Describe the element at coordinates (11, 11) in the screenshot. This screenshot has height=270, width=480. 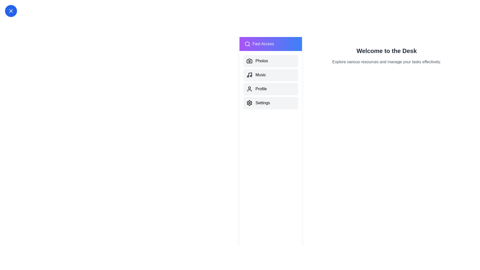
I see `the button at the top-left corner to toggle the drawer visibility` at that location.